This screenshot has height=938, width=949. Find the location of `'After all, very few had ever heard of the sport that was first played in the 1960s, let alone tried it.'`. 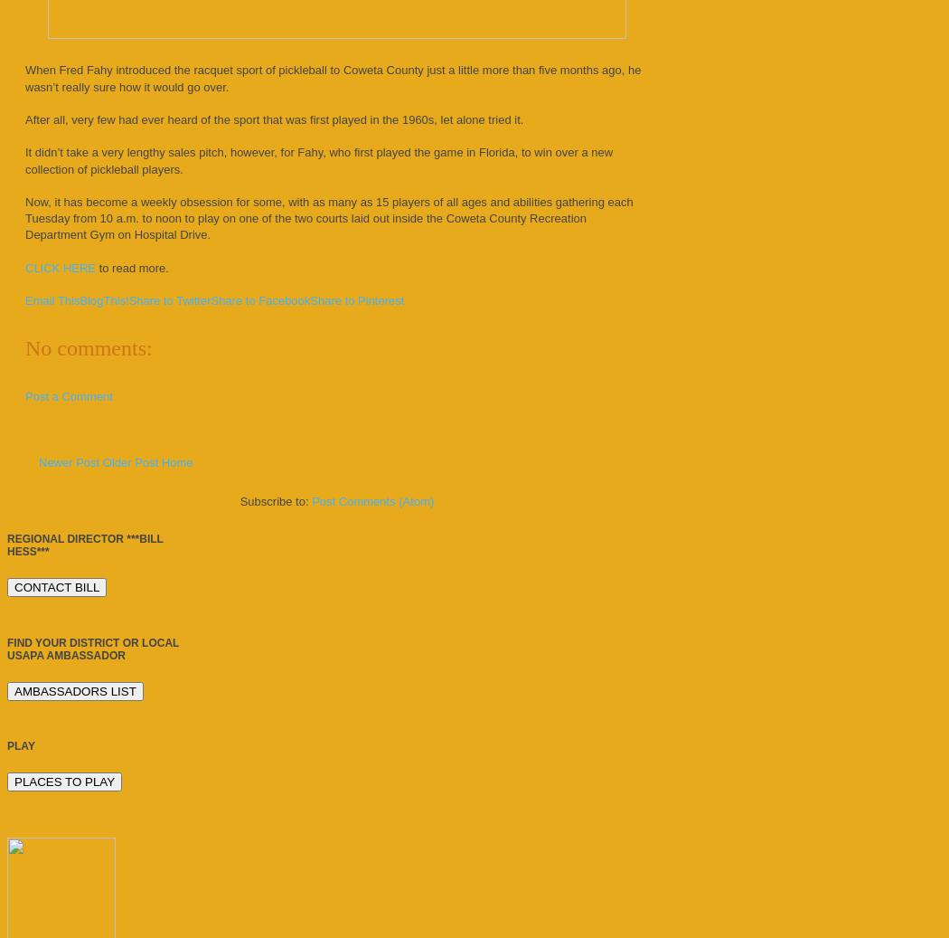

'After all, very few had ever heard of the sport that was first played in the 1960s, let alone tried it.' is located at coordinates (274, 118).